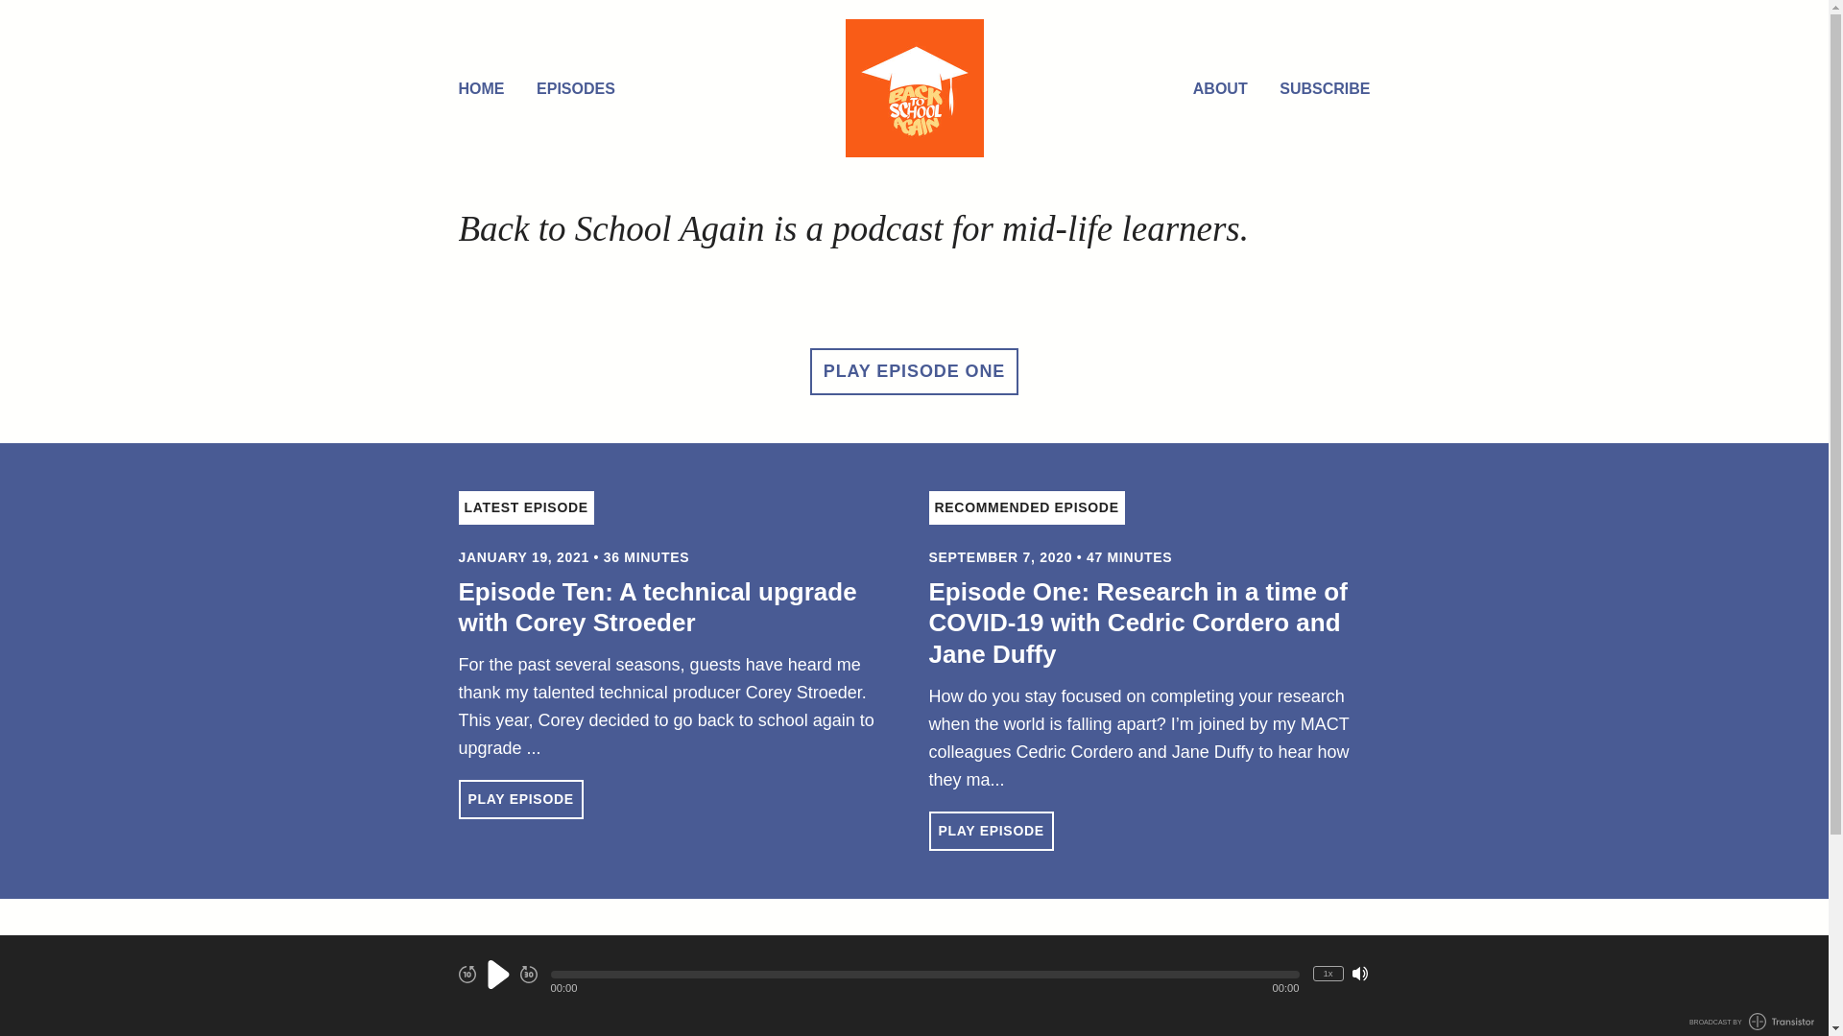 The width and height of the screenshot is (1843, 1036). Describe the element at coordinates (1358, 973) in the screenshot. I see `'Mute/Unmute'` at that location.